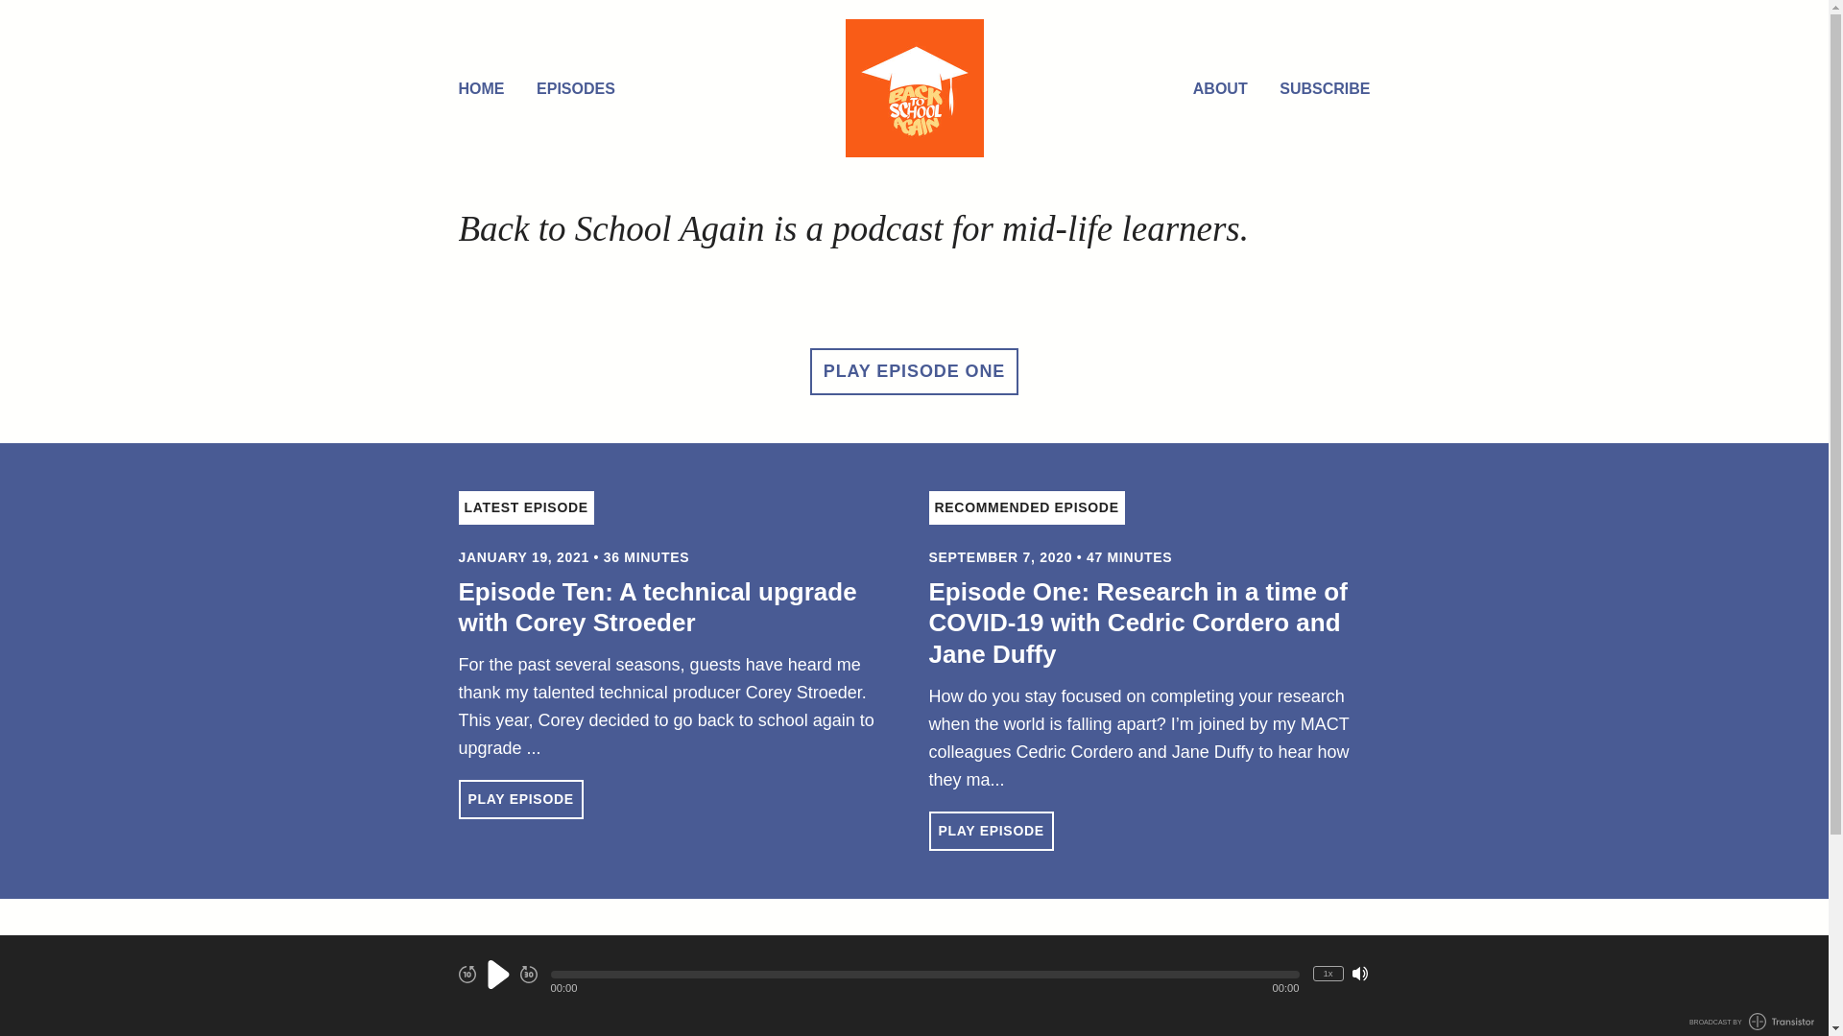 The width and height of the screenshot is (1843, 1036). Describe the element at coordinates (1358, 973) in the screenshot. I see `'Mute/Unmute'` at that location.